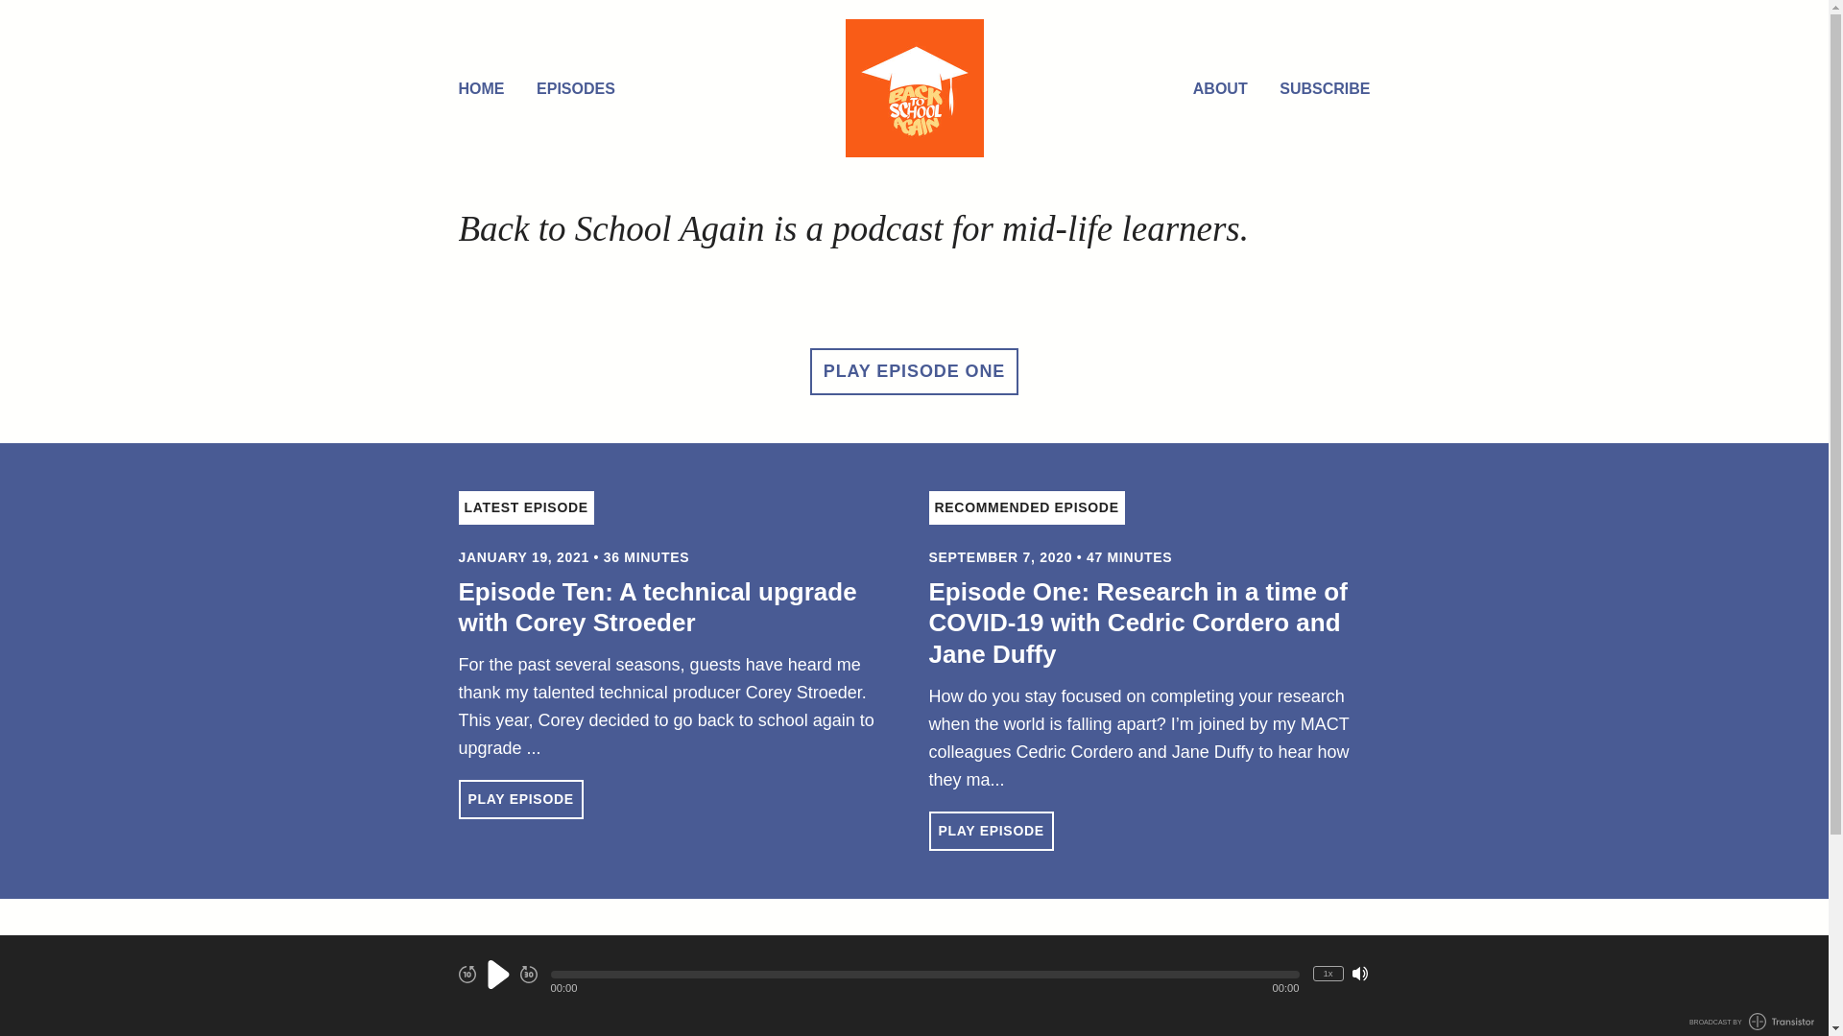 The width and height of the screenshot is (1843, 1036). Describe the element at coordinates (1358, 973) in the screenshot. I see `'Mute/Unmute'` at that location.